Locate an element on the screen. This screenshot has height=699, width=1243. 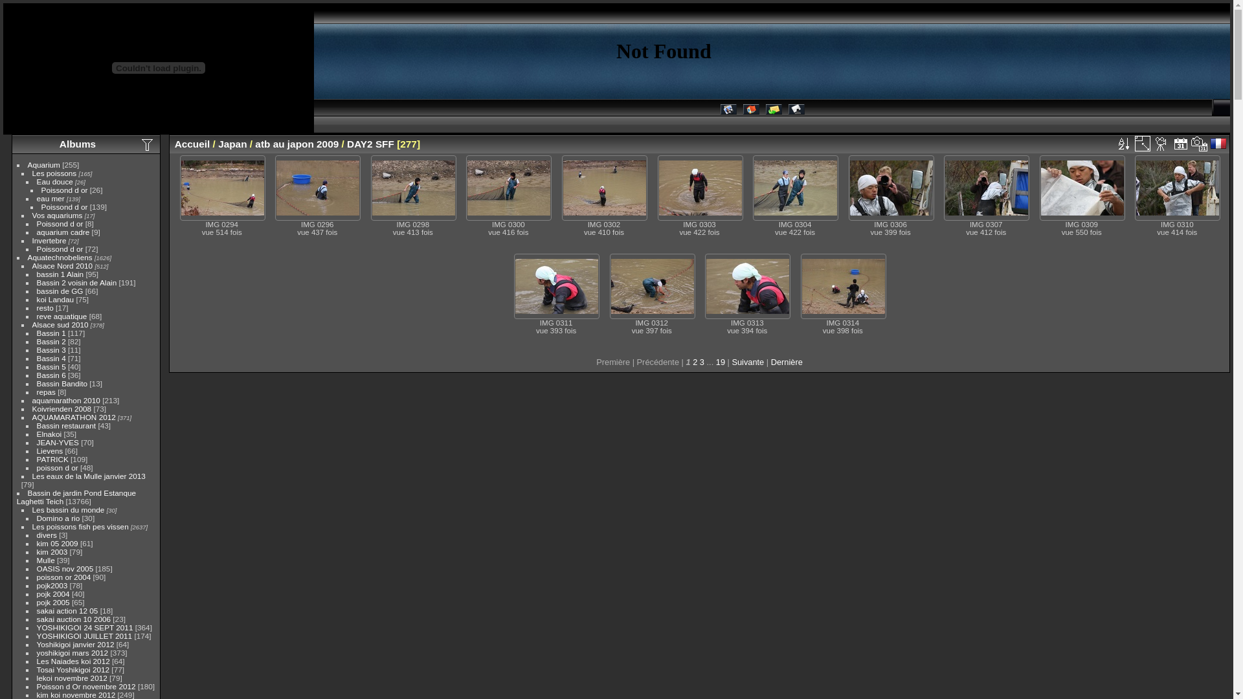
'IMG 0314 (398 visites)' is located at coordinates (843, 285).